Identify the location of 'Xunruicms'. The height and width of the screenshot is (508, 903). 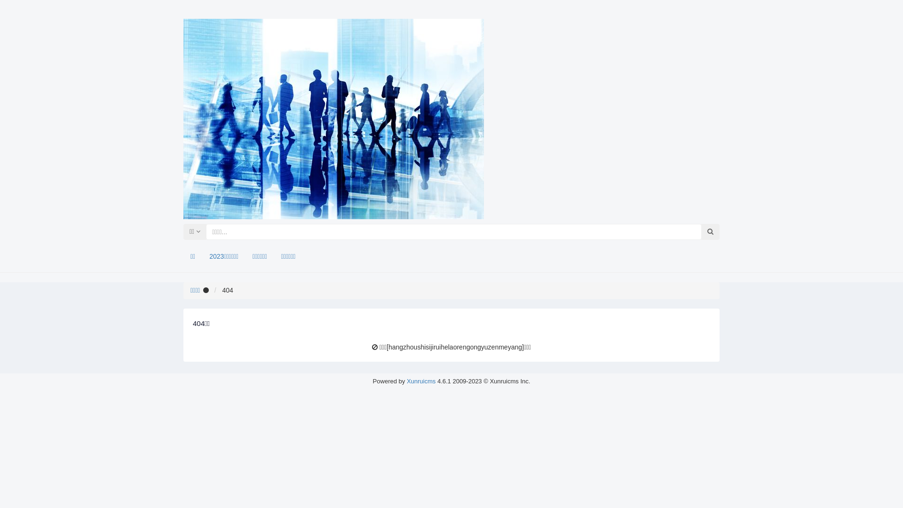
(420, 381).